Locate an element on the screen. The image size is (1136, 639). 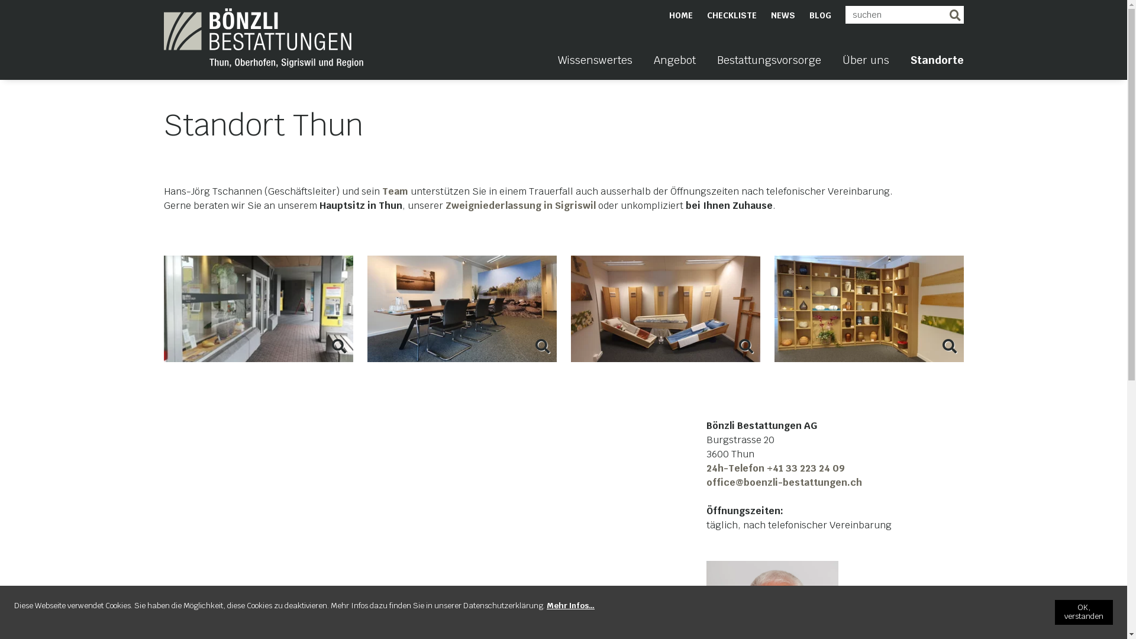
'office@boenzli-bestattungen.ch' is located at coordinates (706, 482).